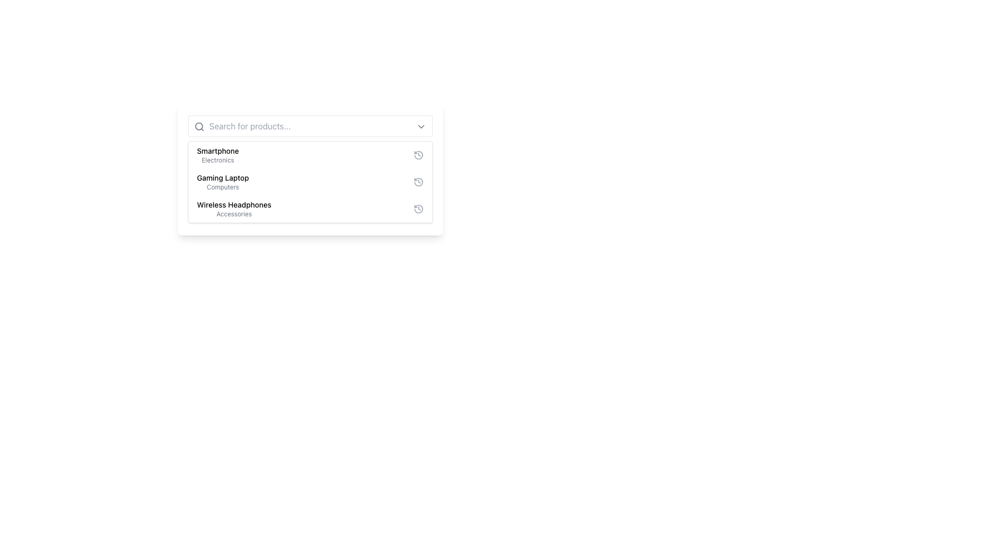 This screenshot has width=995, height=559. What do you see at coordinates (233, 209) in the screenshot?
I see `the third item in the list labeled 'Wireless Headphones' under 'Accessories'` at bounding box center [233, 209].